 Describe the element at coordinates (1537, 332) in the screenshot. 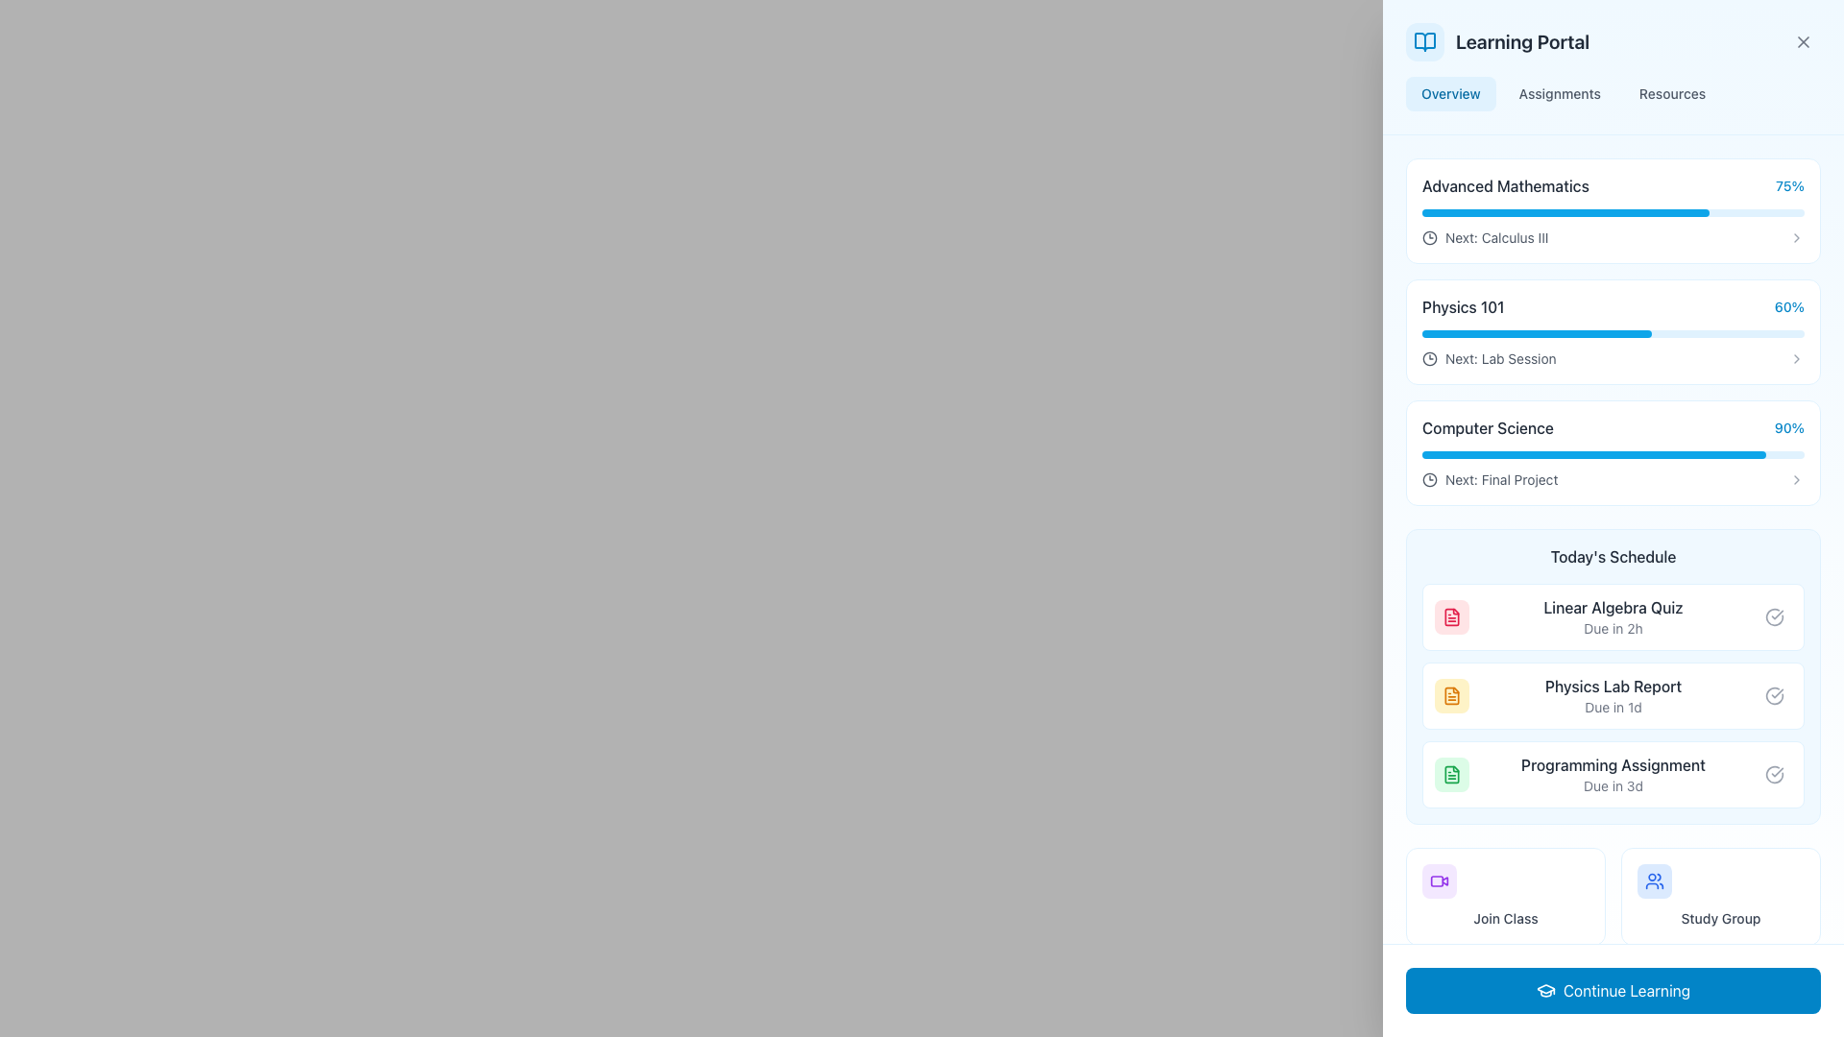

I see `the progress bar indicating 60% completion for the 'Physics 101' item in the Learning Portal interface` at that location.